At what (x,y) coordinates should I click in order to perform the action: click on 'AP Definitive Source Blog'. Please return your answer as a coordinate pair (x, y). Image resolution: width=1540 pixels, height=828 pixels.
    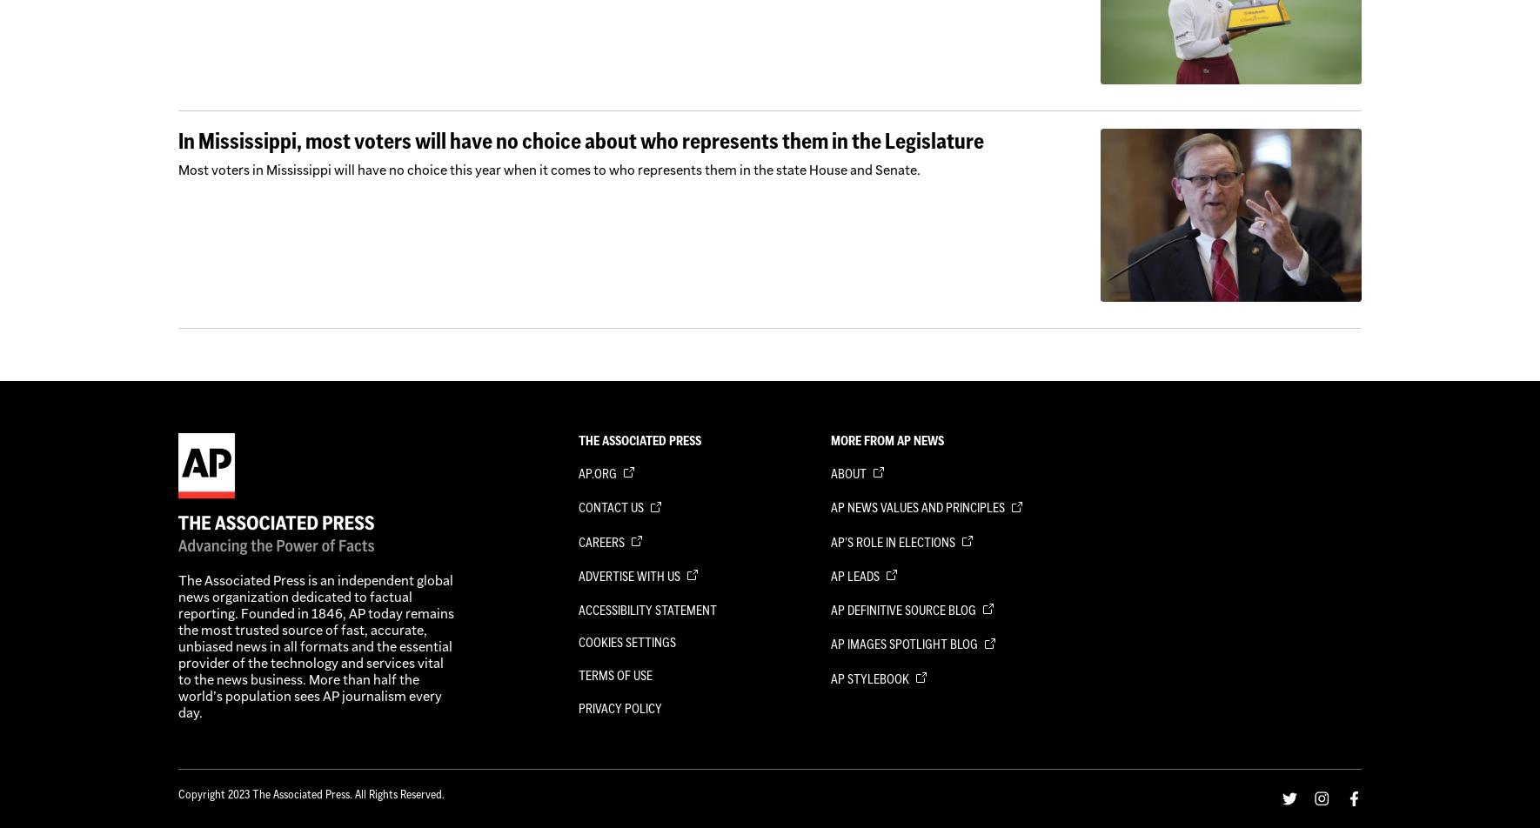
    Looking at the image, I should click on (905, 611).